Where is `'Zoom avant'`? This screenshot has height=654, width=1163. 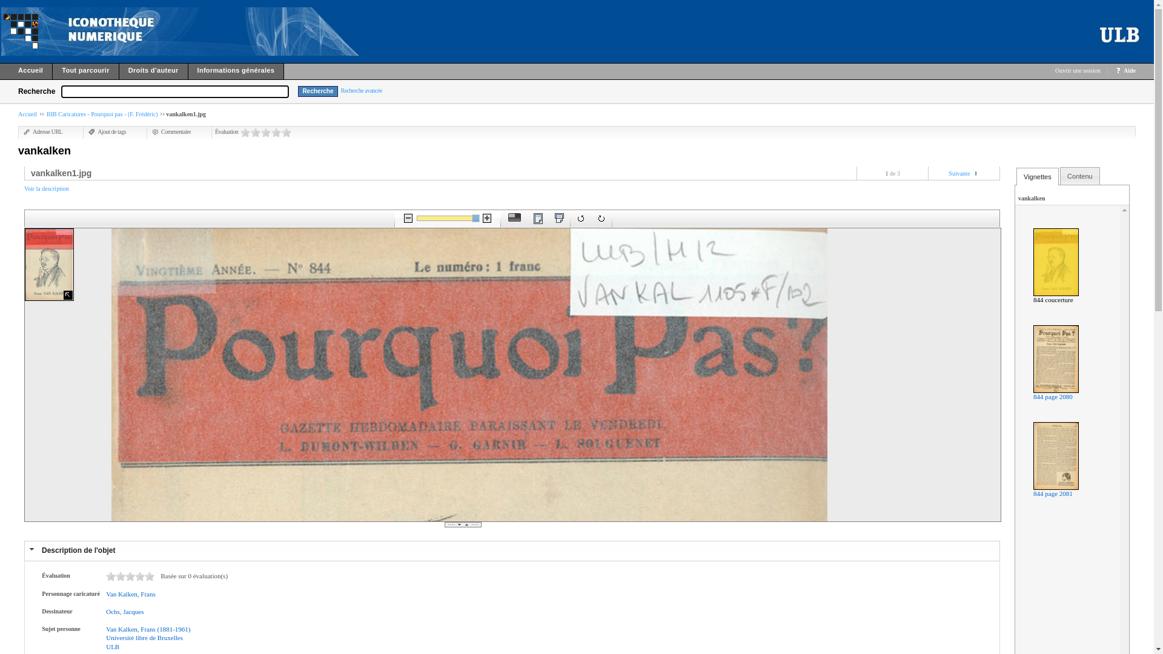
'Zoom avant' is located at coordinates (486, 218).